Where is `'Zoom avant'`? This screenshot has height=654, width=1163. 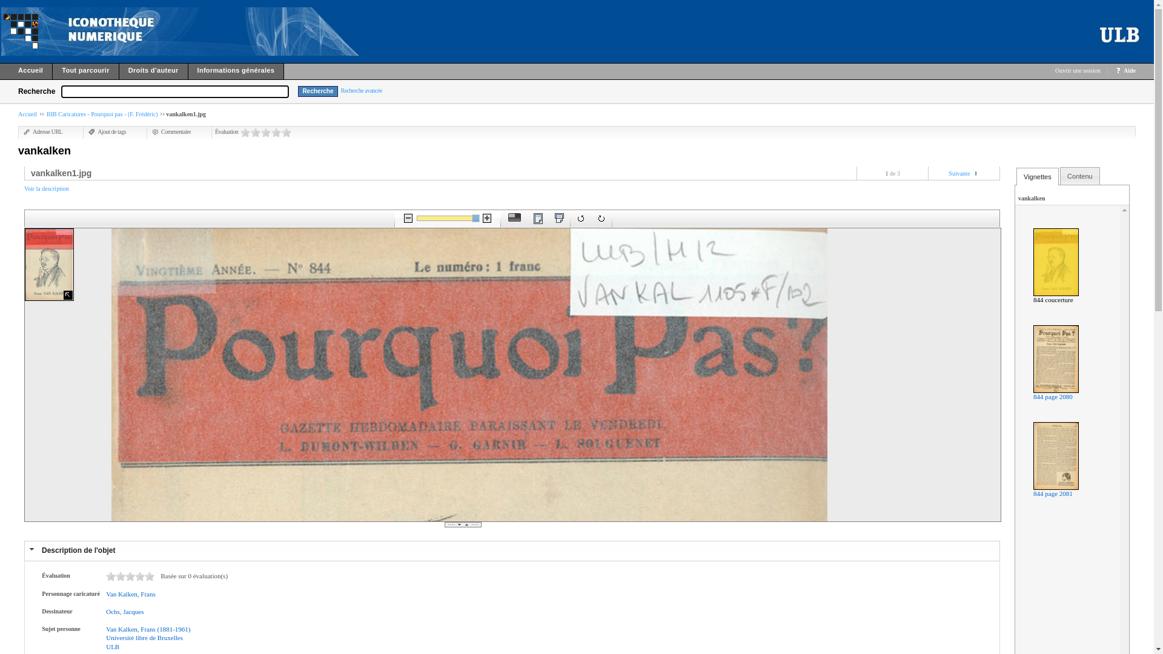
'Zoom avant' is located at coordinates (486, 218).